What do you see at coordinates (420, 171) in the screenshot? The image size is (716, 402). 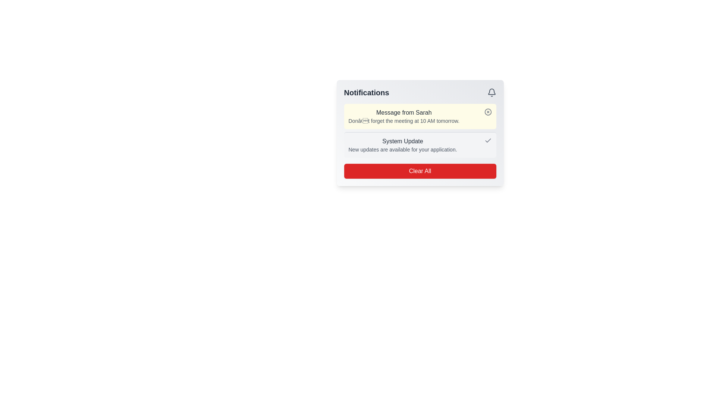 I see `the red rectangular button labeled 'Clear All'` at bounding box center [420, 171].